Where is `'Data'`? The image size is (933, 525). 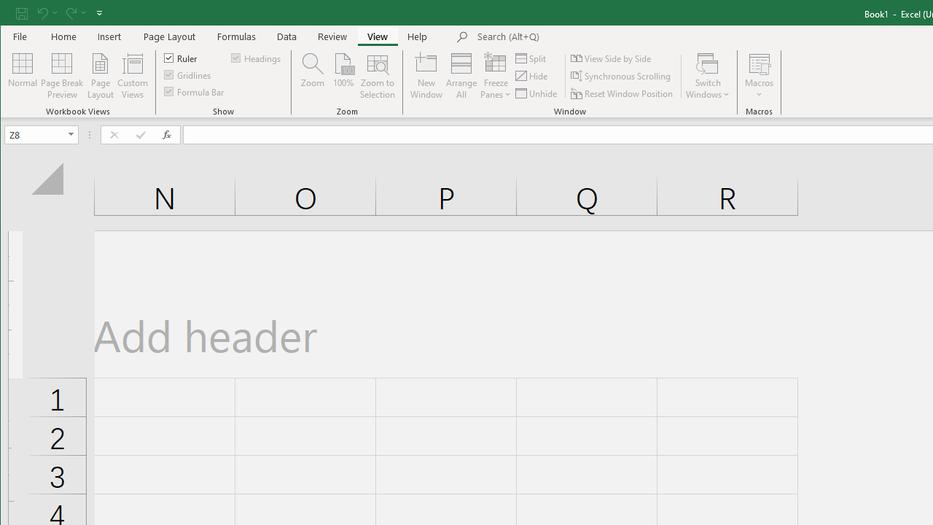
'Data' is located at coordinates (287, 36).